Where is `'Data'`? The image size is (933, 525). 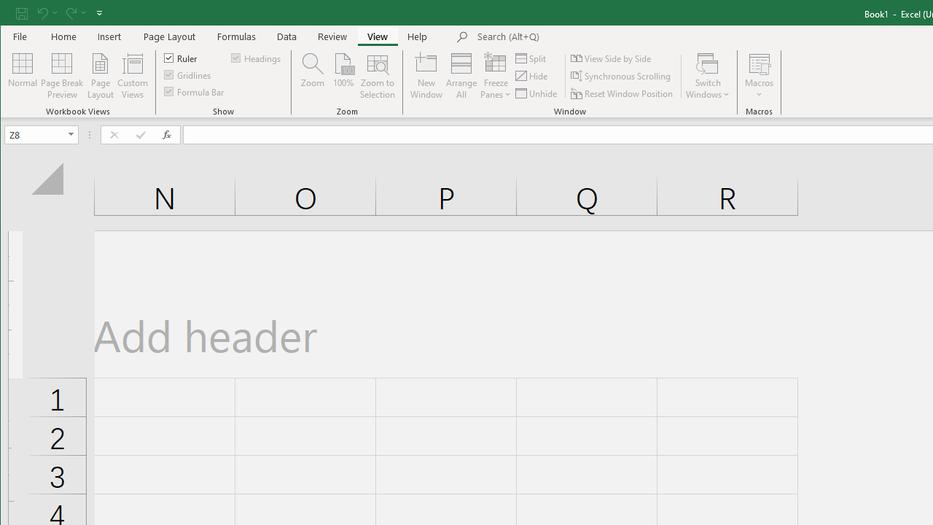
'Data' is located at coordinates (287, 36).